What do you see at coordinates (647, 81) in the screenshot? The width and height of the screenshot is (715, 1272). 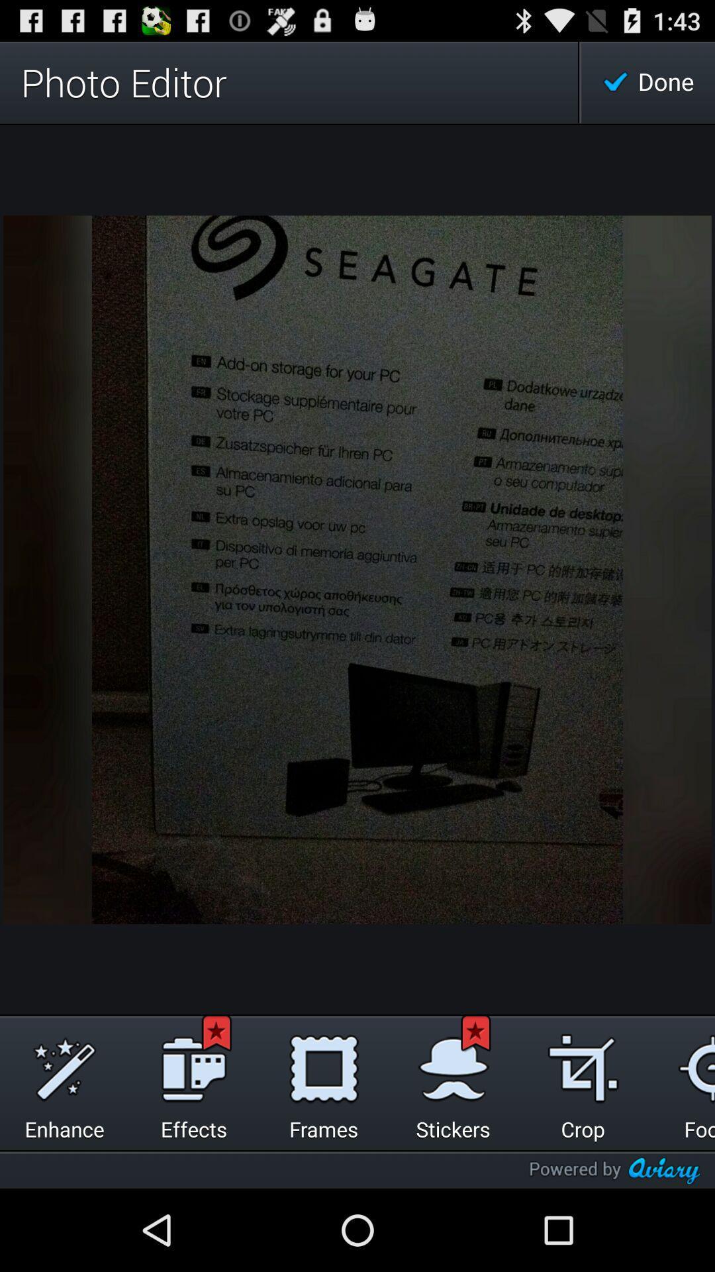 I see `the done` at bounding box center [647, 81].